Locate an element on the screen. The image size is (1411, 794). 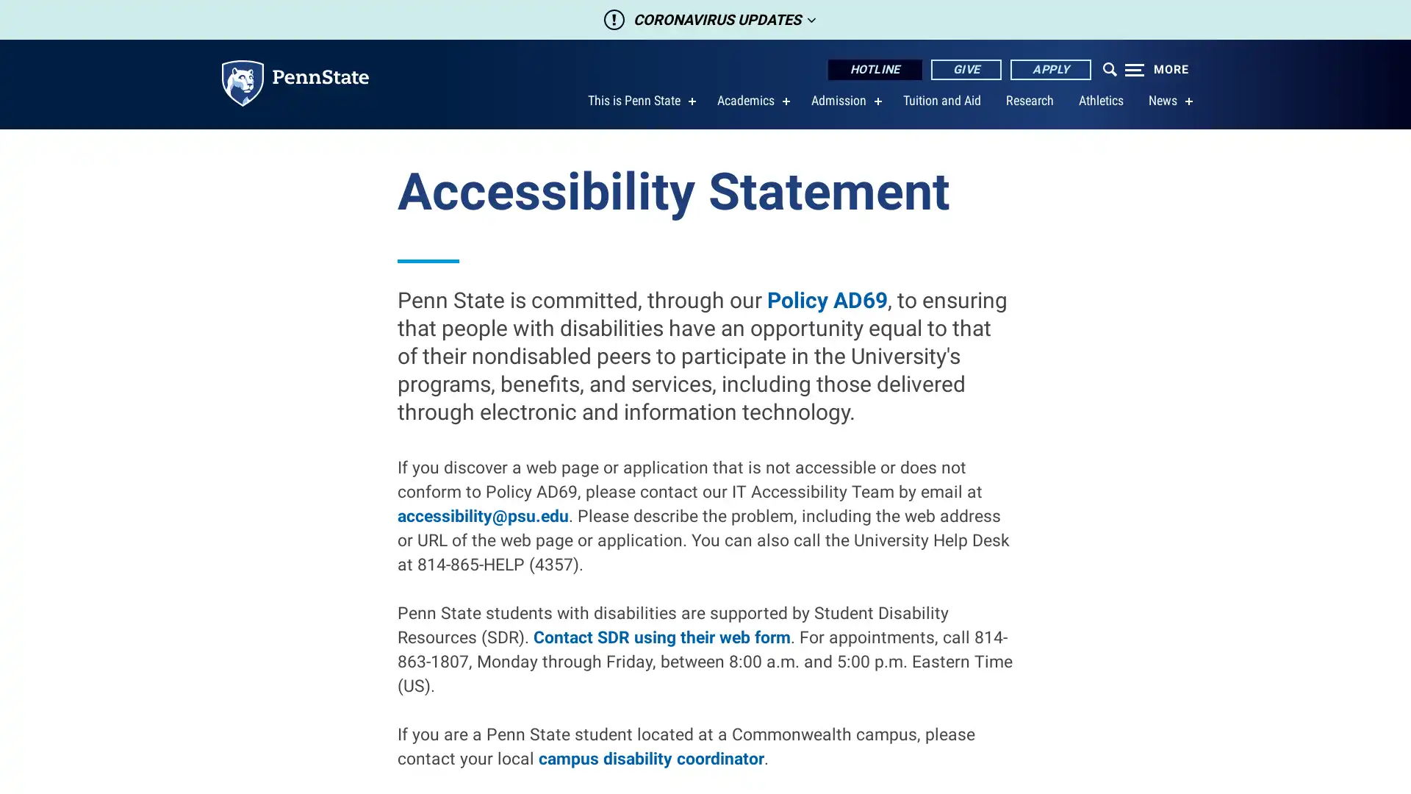
show submenu for Admission is located at coordinates (872, 101).